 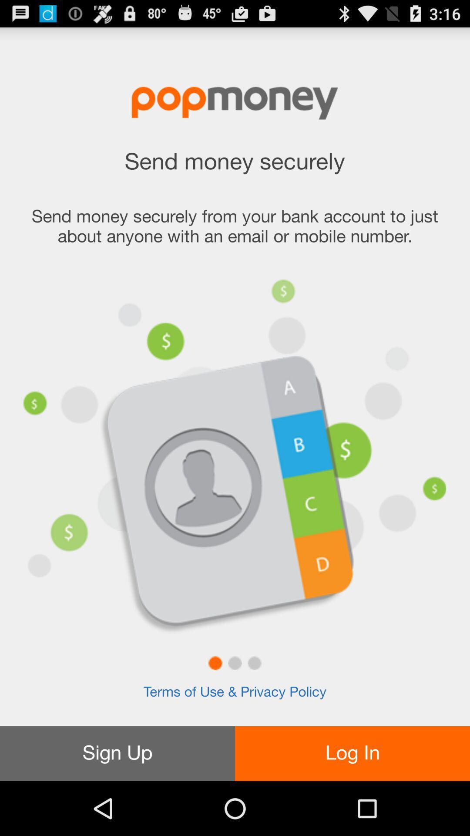 I want to click on the icon to the left of the log in, so click(x=117, y=753).